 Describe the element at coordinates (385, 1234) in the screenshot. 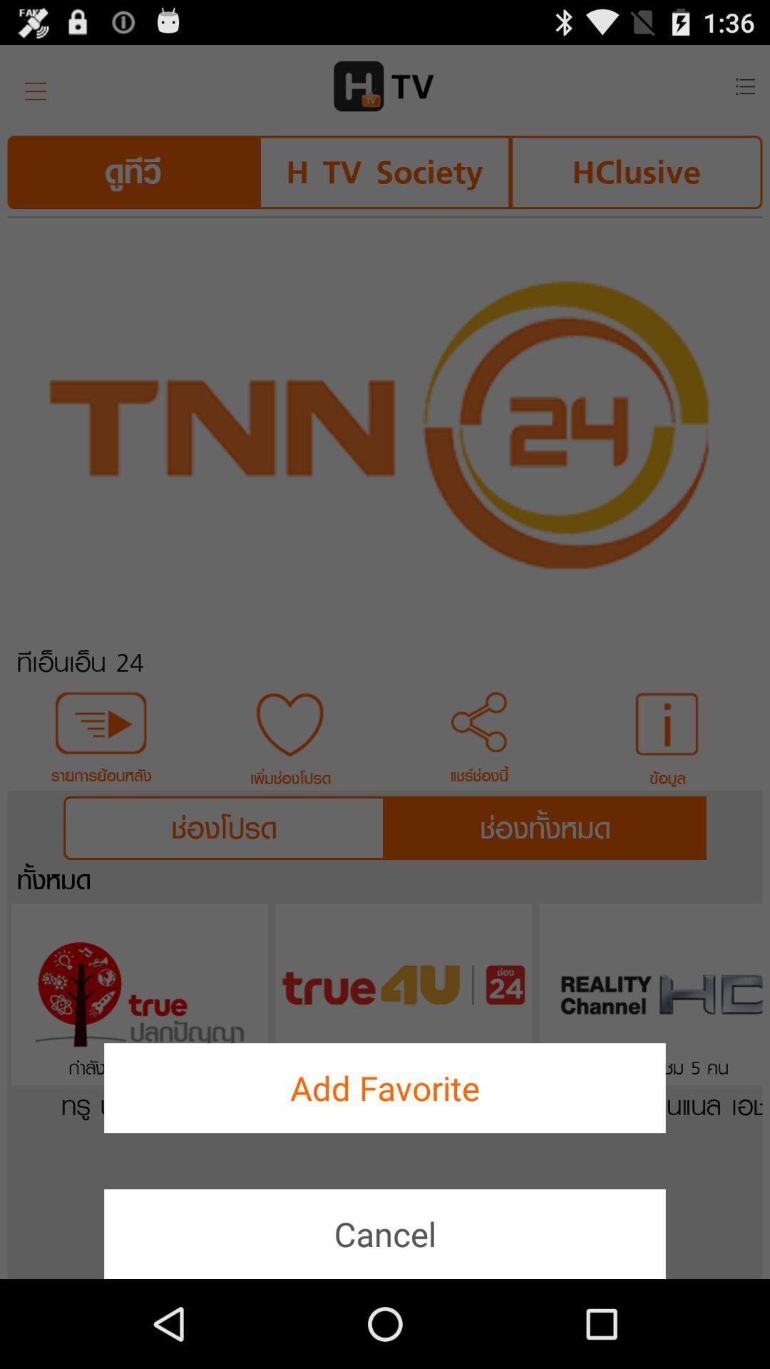

I see `icon below add favorite item` at that location.